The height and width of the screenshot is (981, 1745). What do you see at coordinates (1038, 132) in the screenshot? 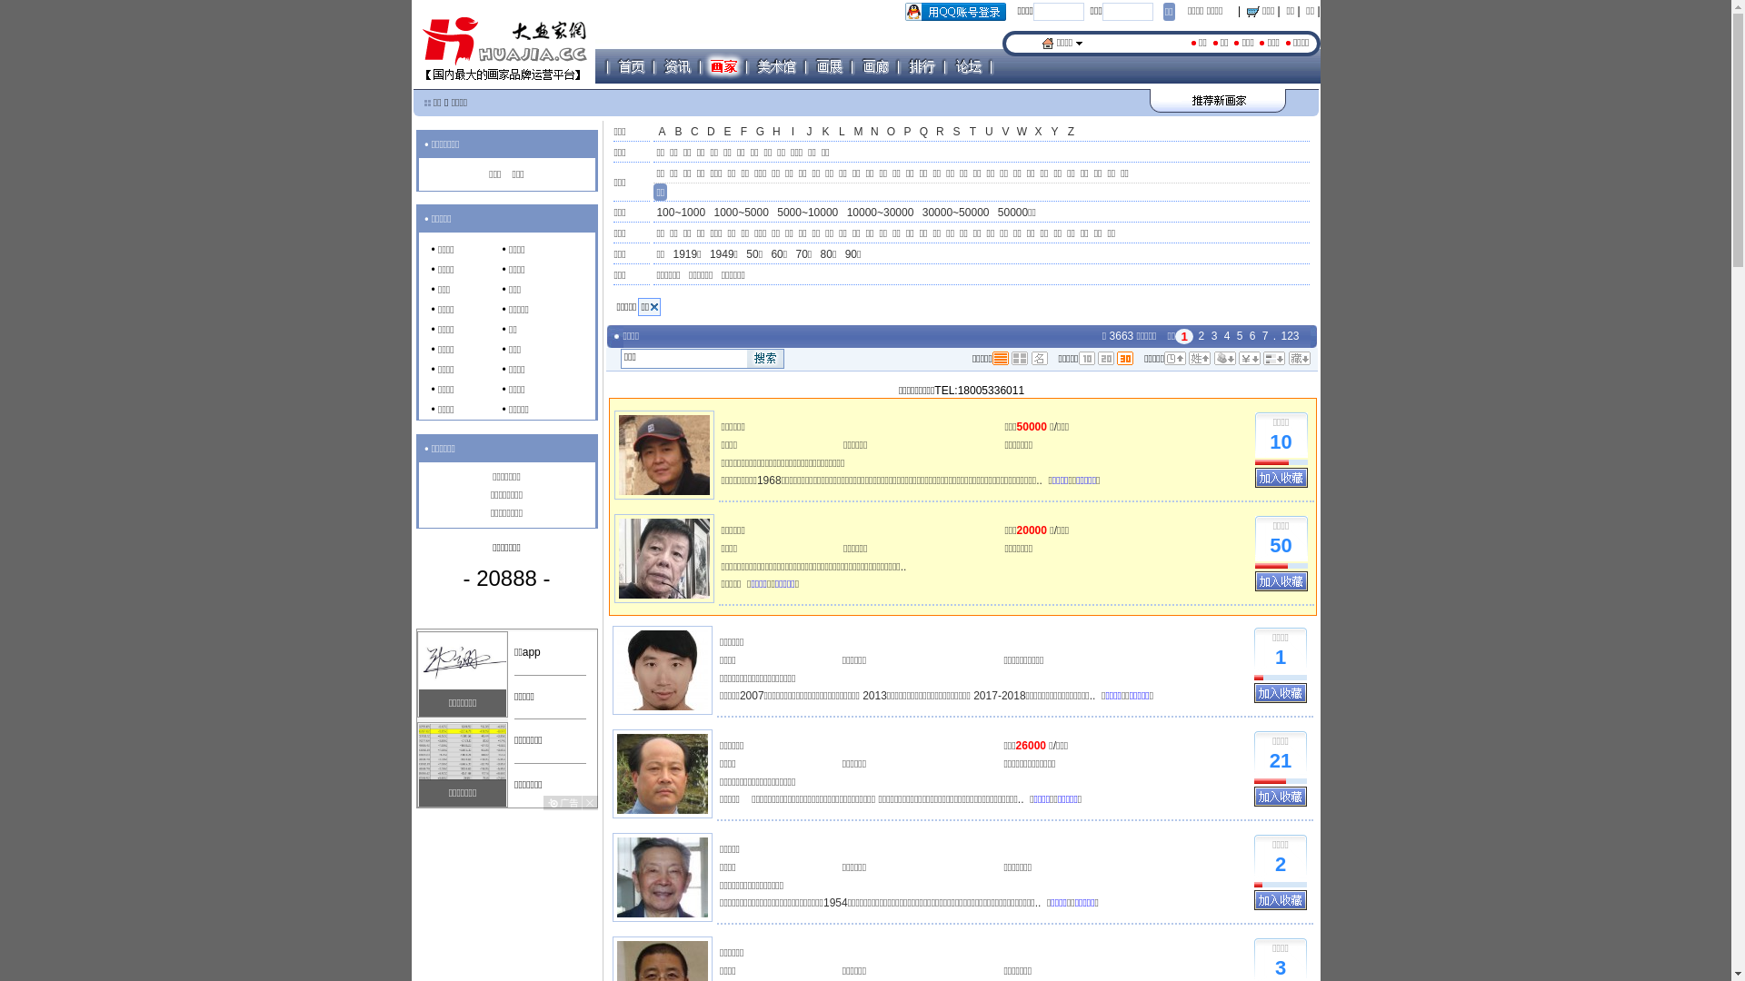
I see `'X'` at bounding box center [1038, 132].